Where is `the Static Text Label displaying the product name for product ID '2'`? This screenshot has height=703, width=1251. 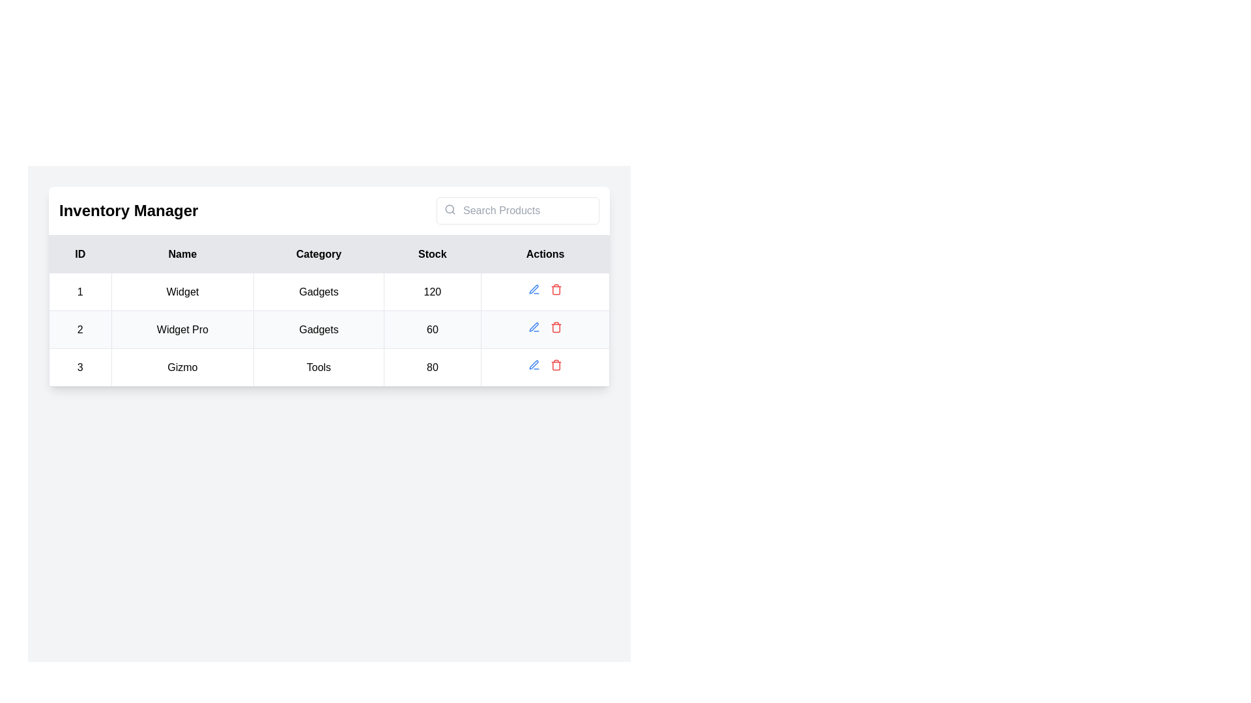
the Static Text Label displaying the product name for product ID '2' is located at coordinates (182, 329).